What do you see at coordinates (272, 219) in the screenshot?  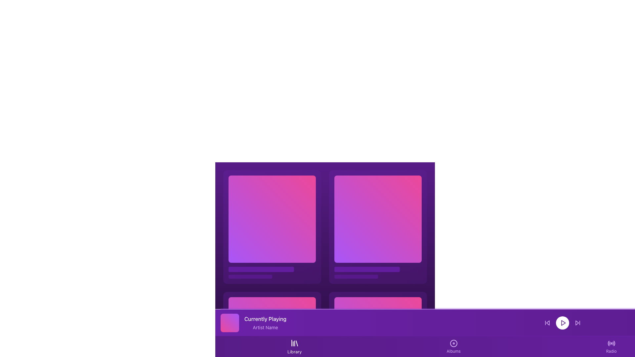 I see `the decorative element located in the top-left portion of the grid layout, which serves as a visual placeholder within the card-like structure` at bounding box center [272, 219].